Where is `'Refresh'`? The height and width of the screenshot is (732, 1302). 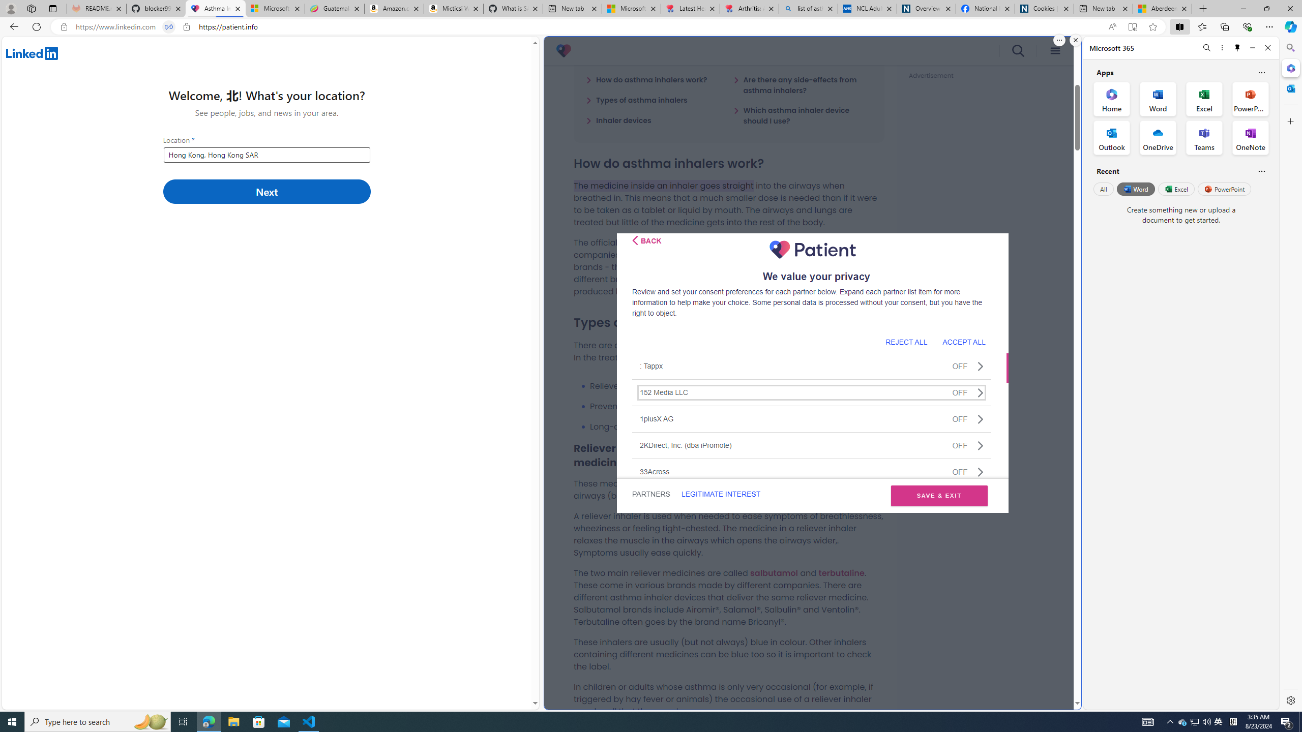 'Refresh' is located at coordinates (36, 26).